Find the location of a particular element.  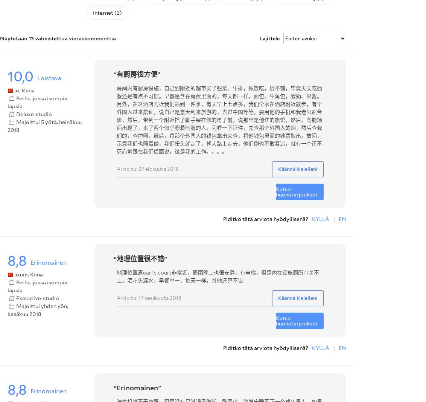

'xuan' is located at coordinates (21, 274).